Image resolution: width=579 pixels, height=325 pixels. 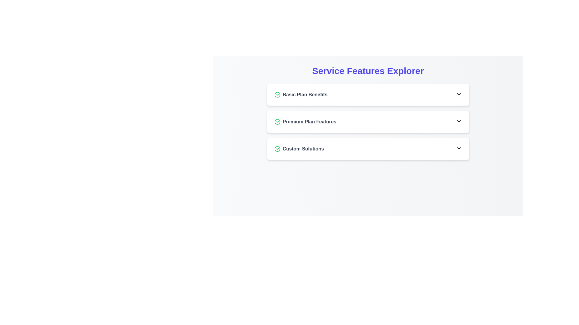 What do you see at coordinates (458, 121) in the screenshot?
I see `the toggle icon located at the far-right side of the 'Premium Plan Features' section` at bounding box center [458, 121].